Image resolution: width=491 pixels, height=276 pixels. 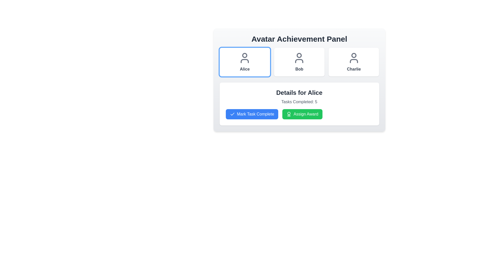 What do you see at coordinates (299, 55) in the screenshot?
I see `the circular shape representing the user avatar icon for 'Bob' located at the center of the head of the avatar figure` at bounding box center [299, 55].